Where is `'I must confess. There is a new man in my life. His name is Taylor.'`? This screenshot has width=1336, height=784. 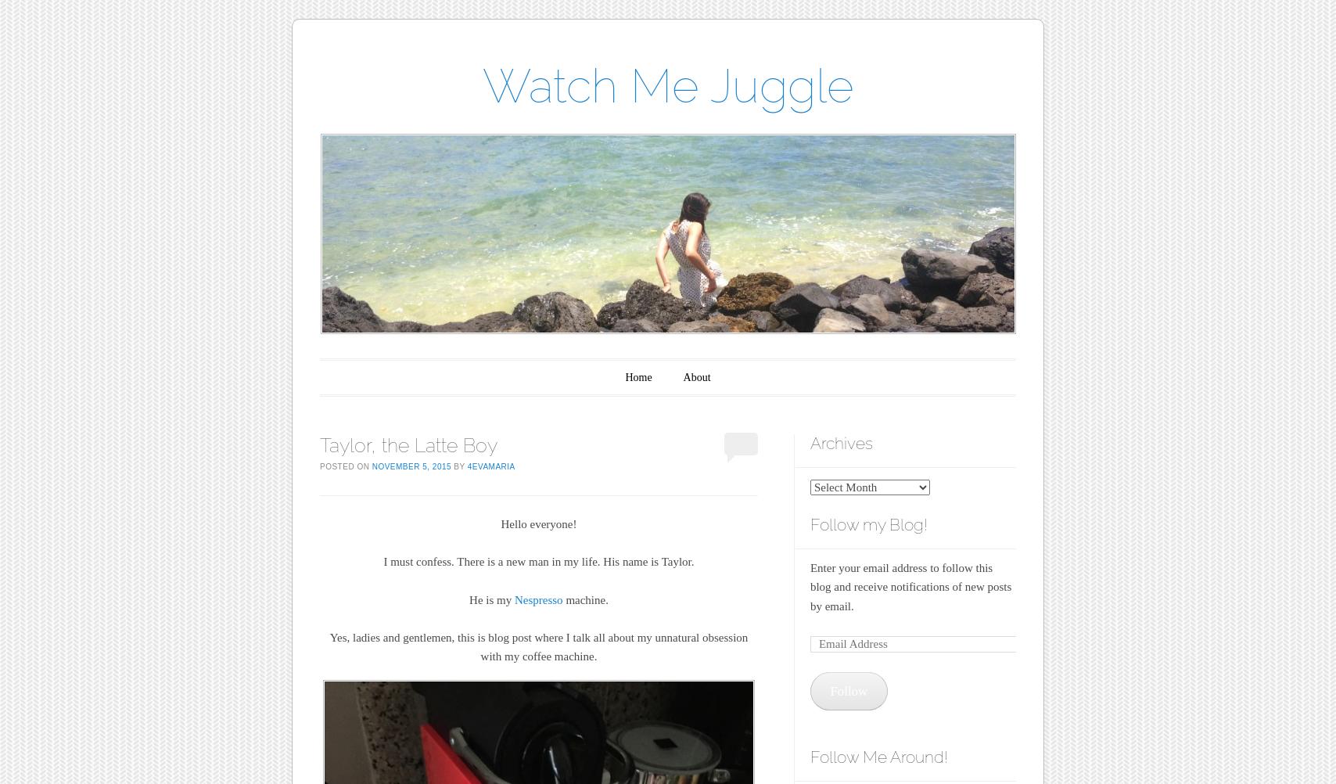
'I must confess. There is a new man in my life. His name is Taylor.' is located at coordinates (538, 562).